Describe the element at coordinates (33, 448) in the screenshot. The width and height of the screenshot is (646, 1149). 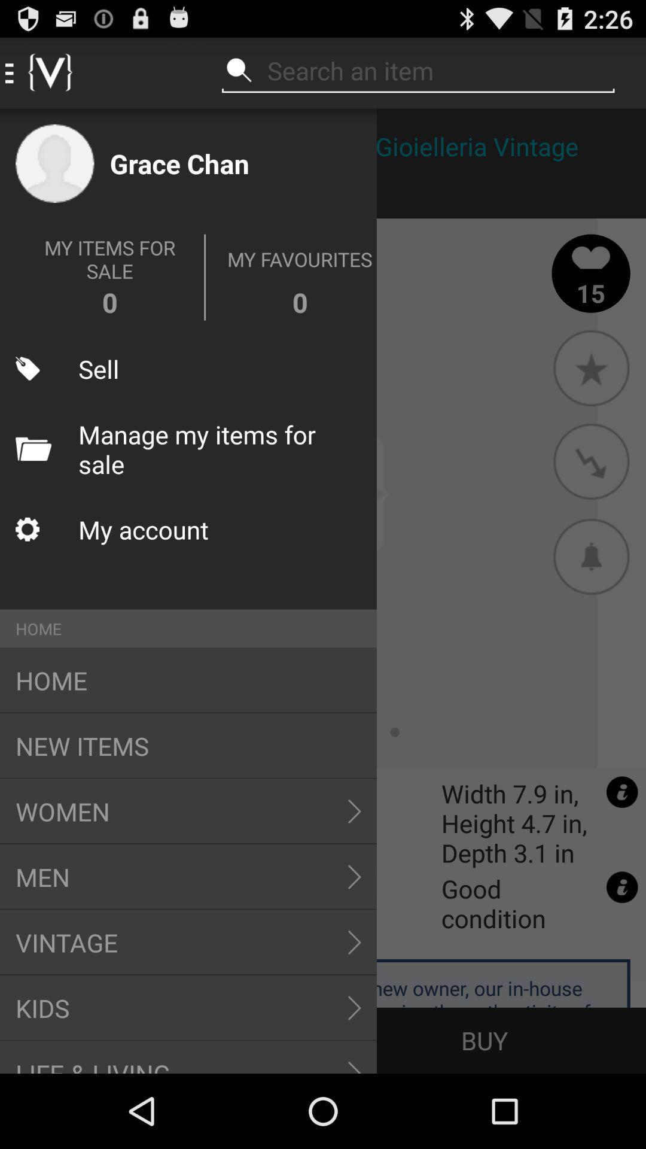
I see `the file manager icon` at that location.